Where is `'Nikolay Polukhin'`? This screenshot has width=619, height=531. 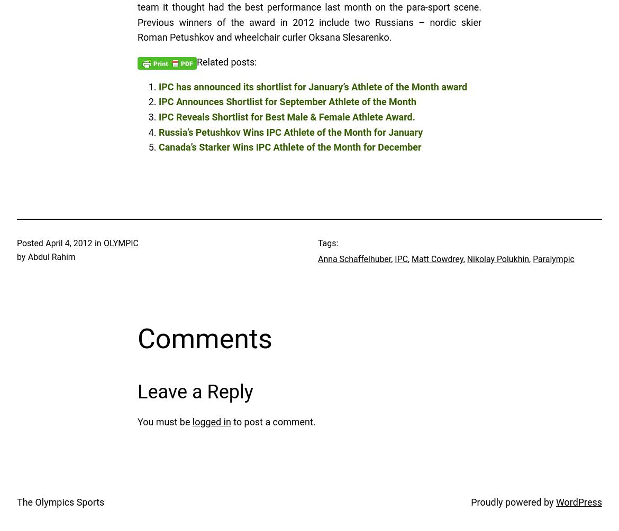
'Nikolay Polukhin' is located at coordinates (497, 259).